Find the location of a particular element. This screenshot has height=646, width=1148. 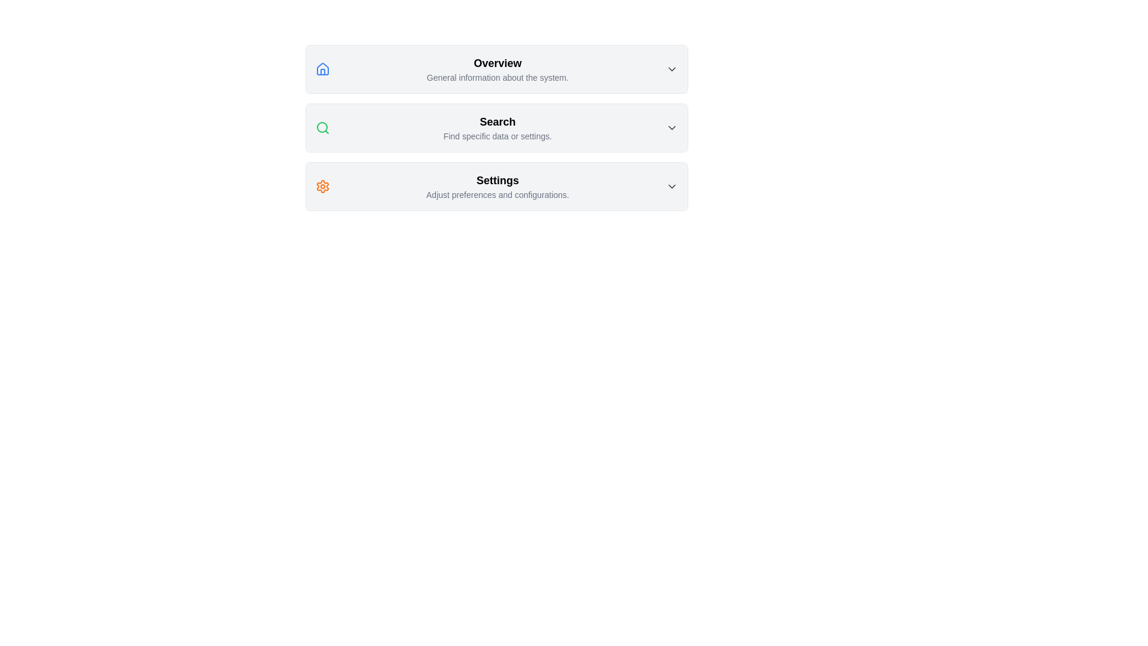

the second expandable menu item positioned between 'Overview' and 'Settings' is located at coordinates (496, 127).